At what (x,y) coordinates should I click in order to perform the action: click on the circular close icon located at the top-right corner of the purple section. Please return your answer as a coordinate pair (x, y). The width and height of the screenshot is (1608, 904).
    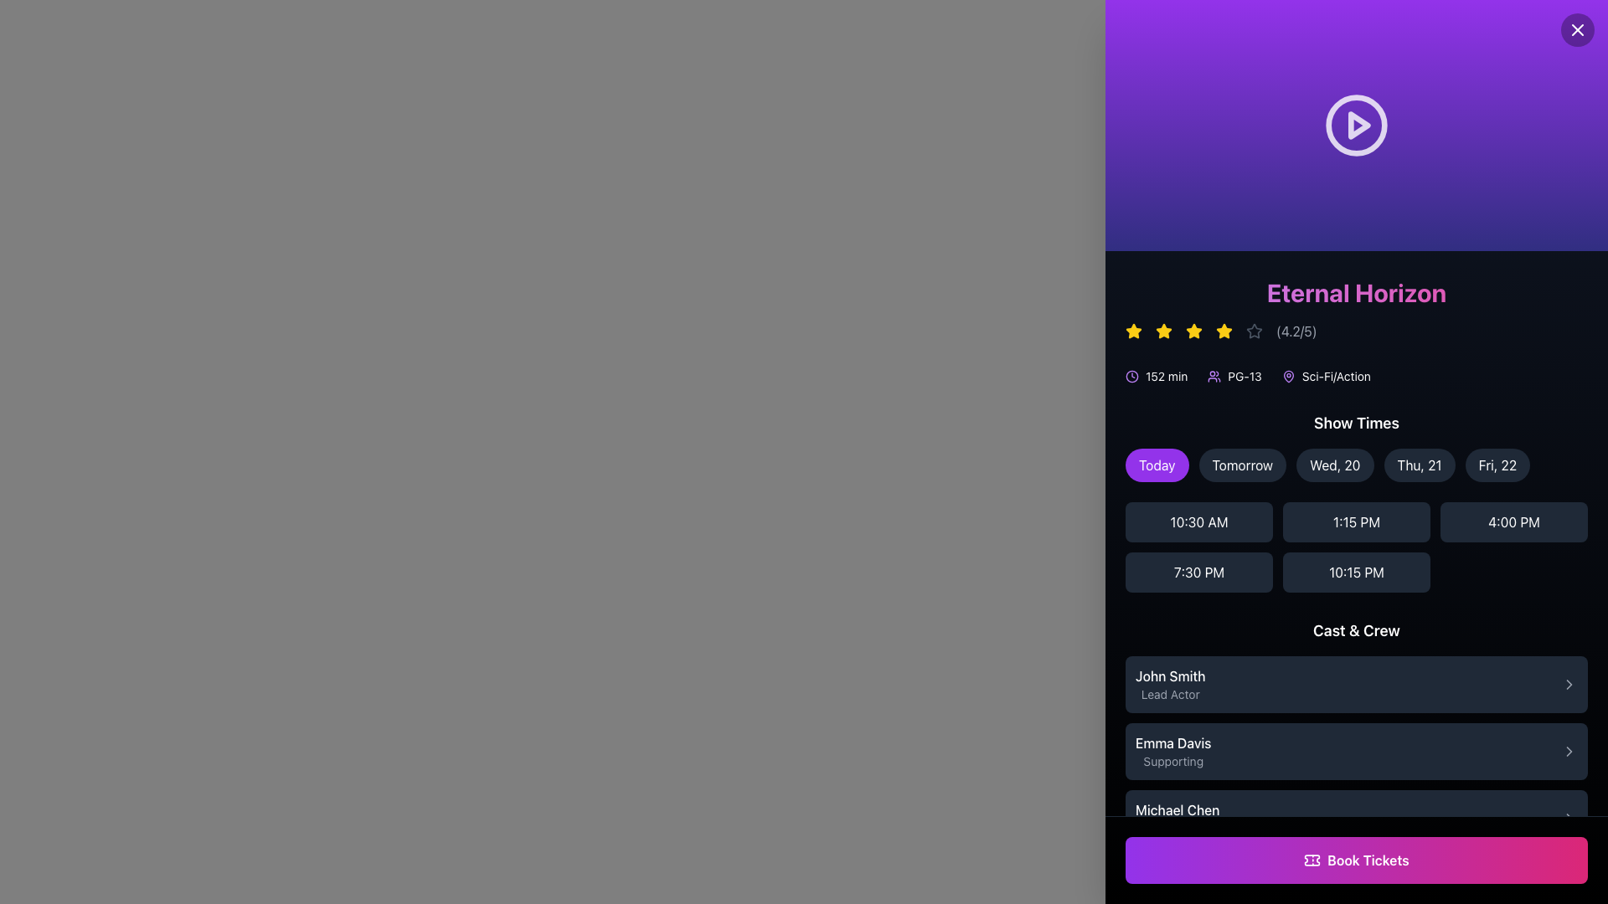
    Looking at the image, I should click on (1576, 29).